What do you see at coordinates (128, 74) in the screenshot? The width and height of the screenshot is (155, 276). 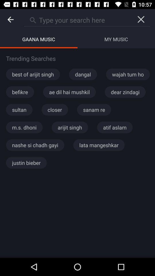 I see `the wajah tum ho icon` at bounding box center [128, 74].